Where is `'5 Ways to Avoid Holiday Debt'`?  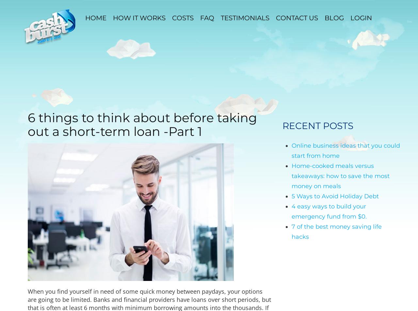 '5 Ways to Avoid Holiday Debt' is located at coordinates (335, 196).